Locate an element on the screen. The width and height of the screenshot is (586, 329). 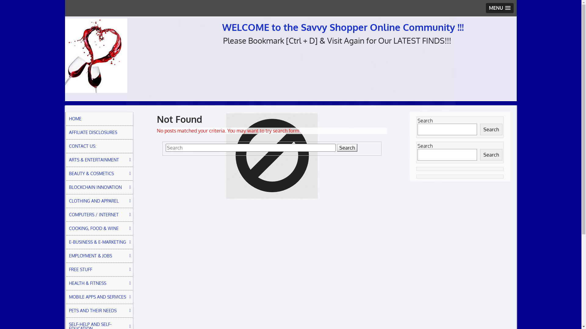
'PETS AND THEIR NEEDS' is located at coordinates (99, 310).